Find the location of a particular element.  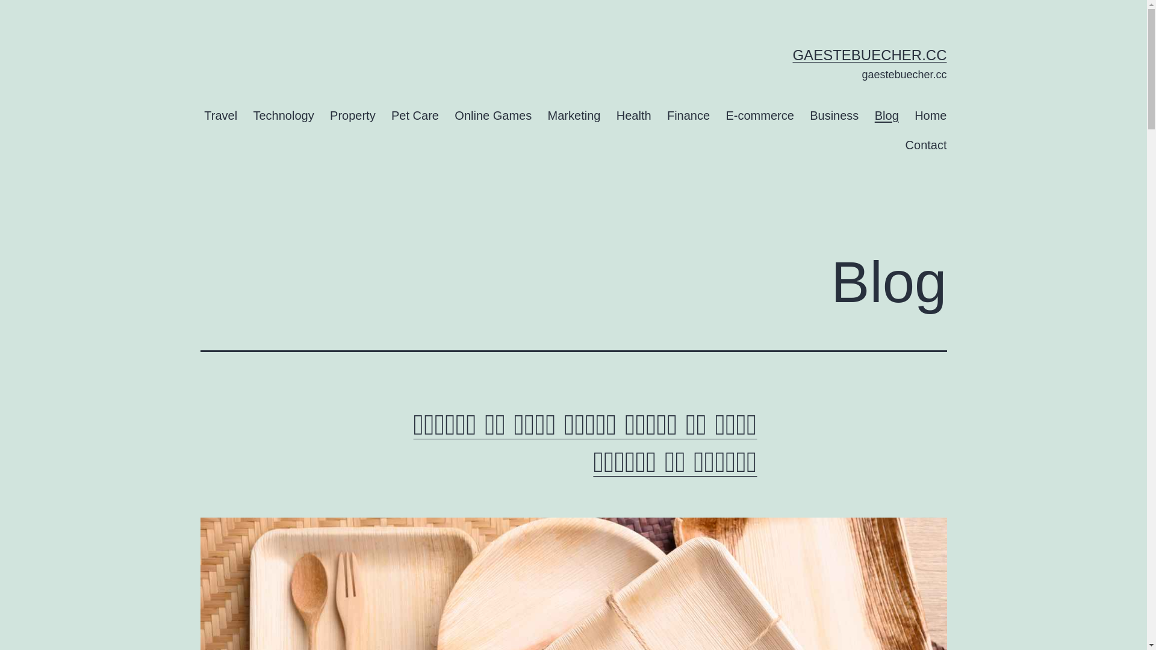

'Online Games' is located at coordinates (493, 115).